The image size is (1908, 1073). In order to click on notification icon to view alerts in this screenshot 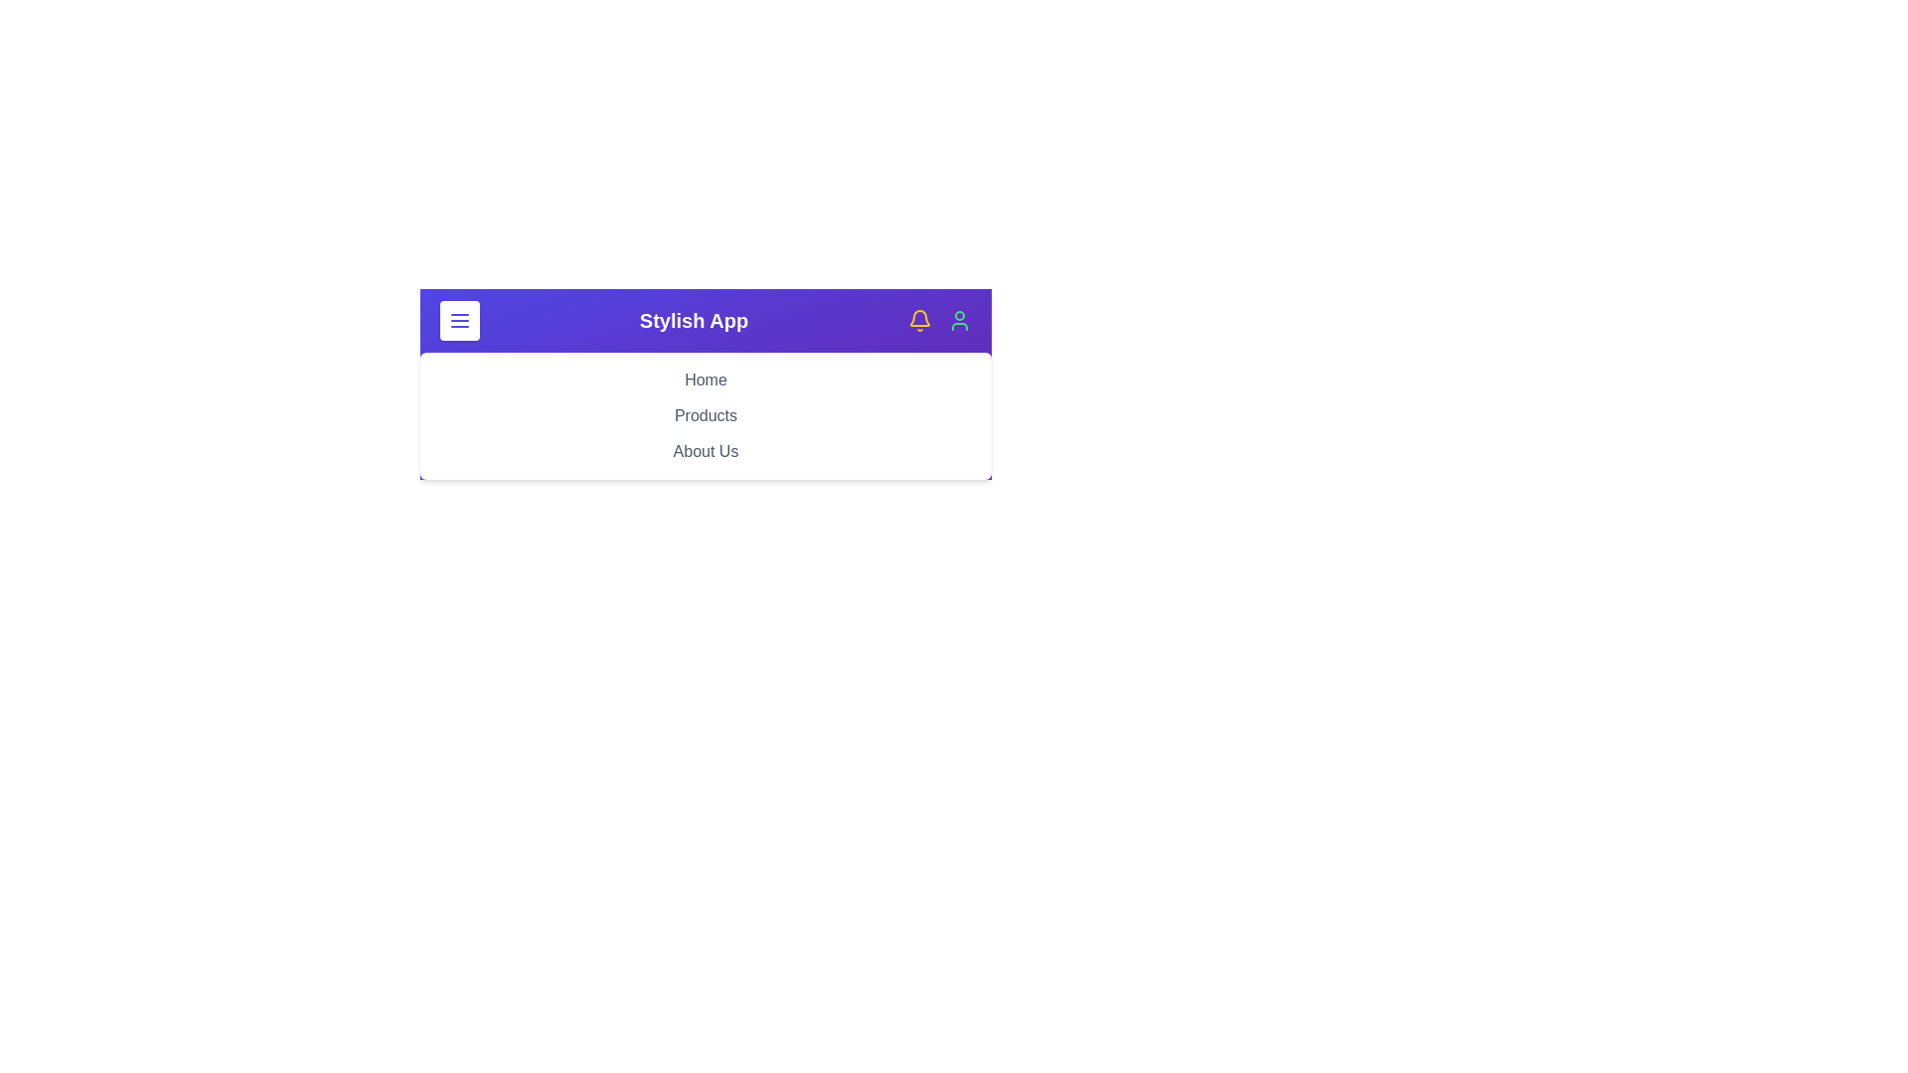, I will do `click(919, 320)`.